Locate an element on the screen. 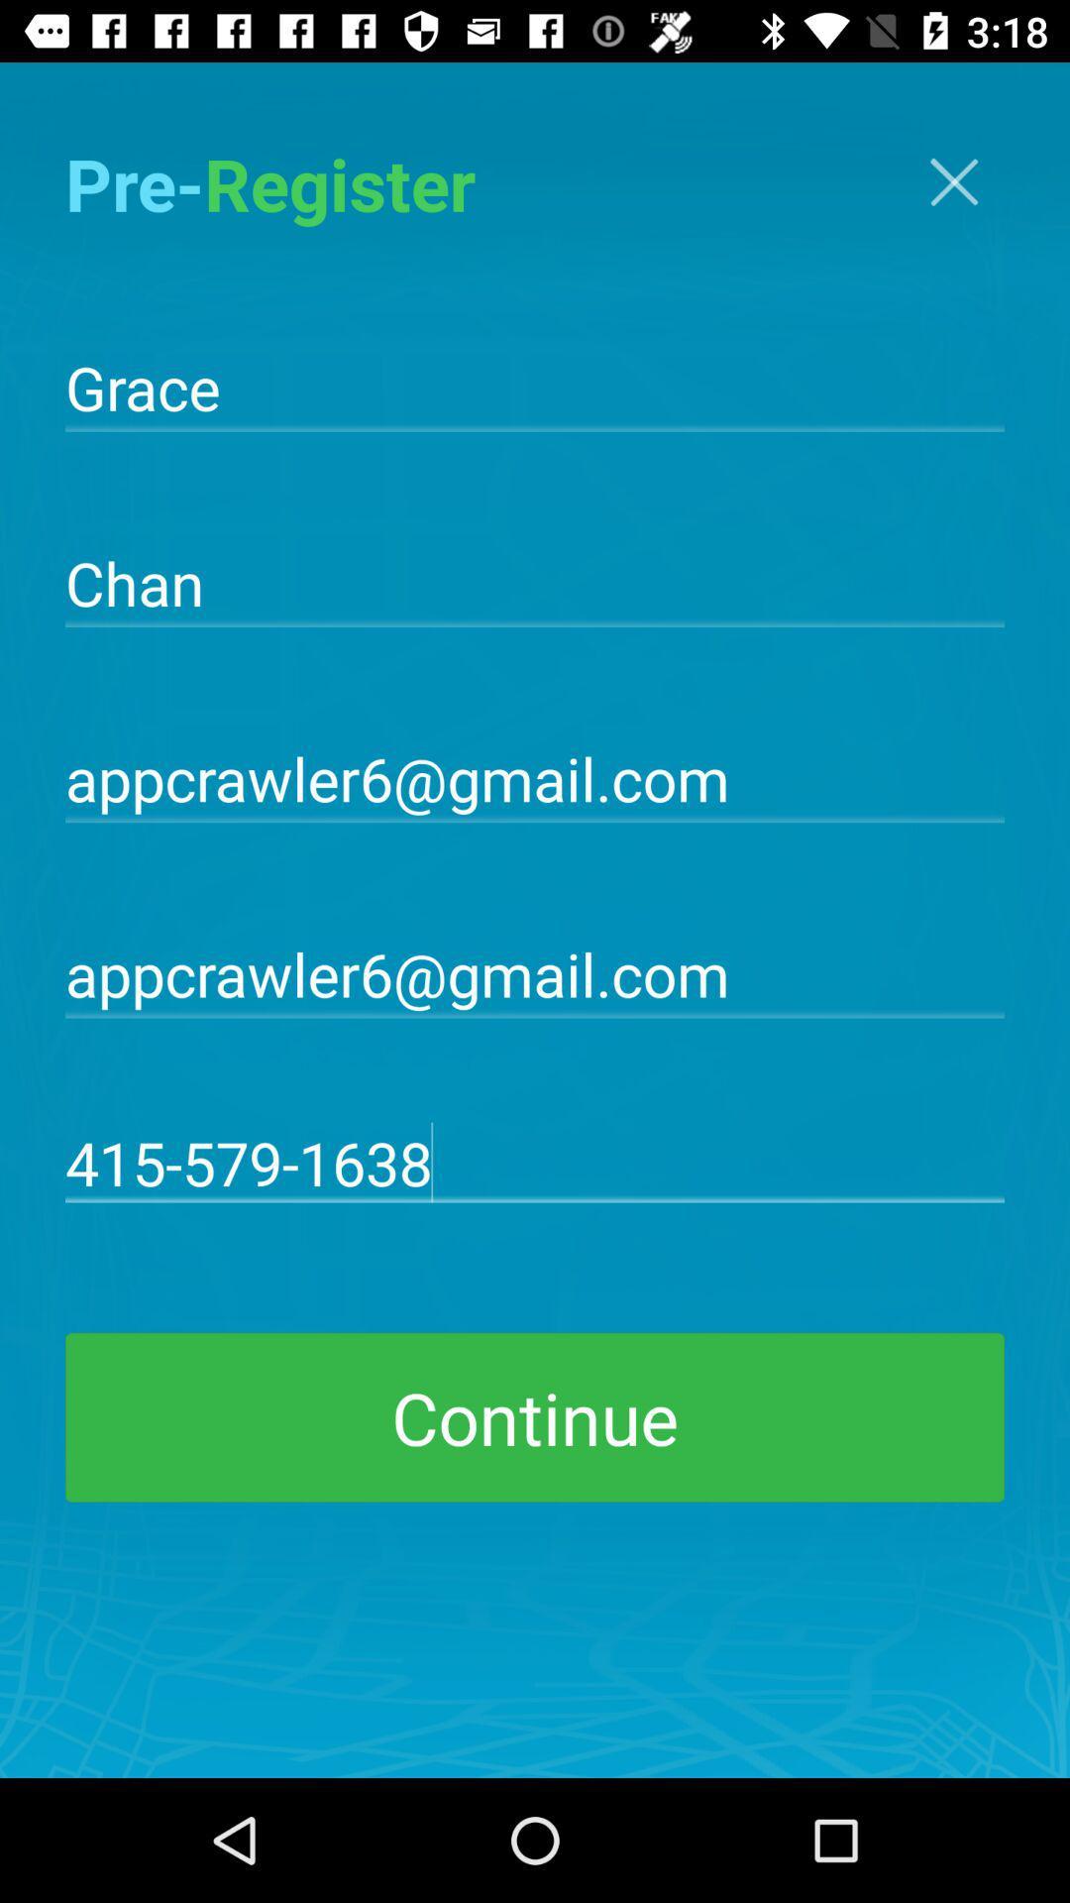  the icon at the top right corner is located at coordinates (953, 181).